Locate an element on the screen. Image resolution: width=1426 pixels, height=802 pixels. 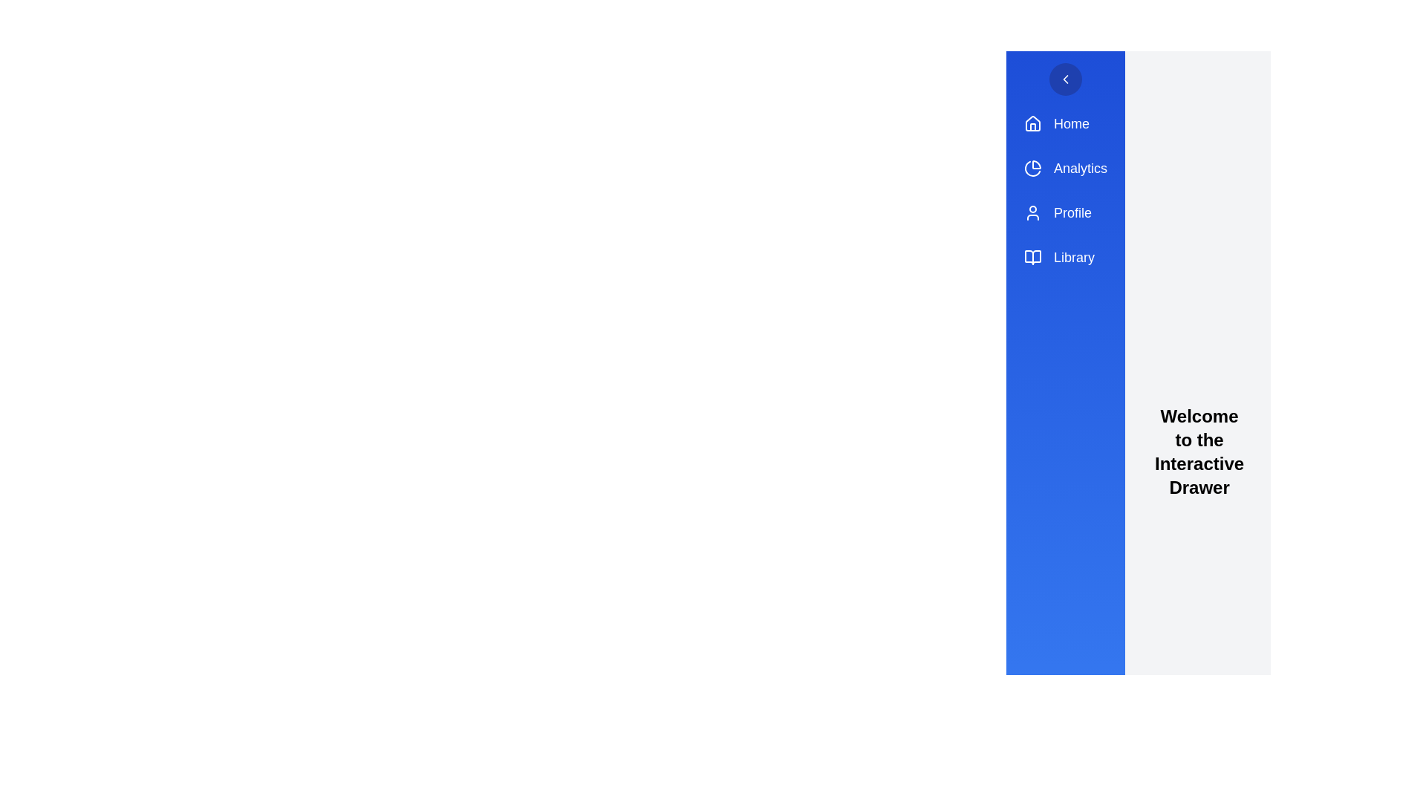
the menu item labeled Home to navigate is located at coordinates (1065, 123).